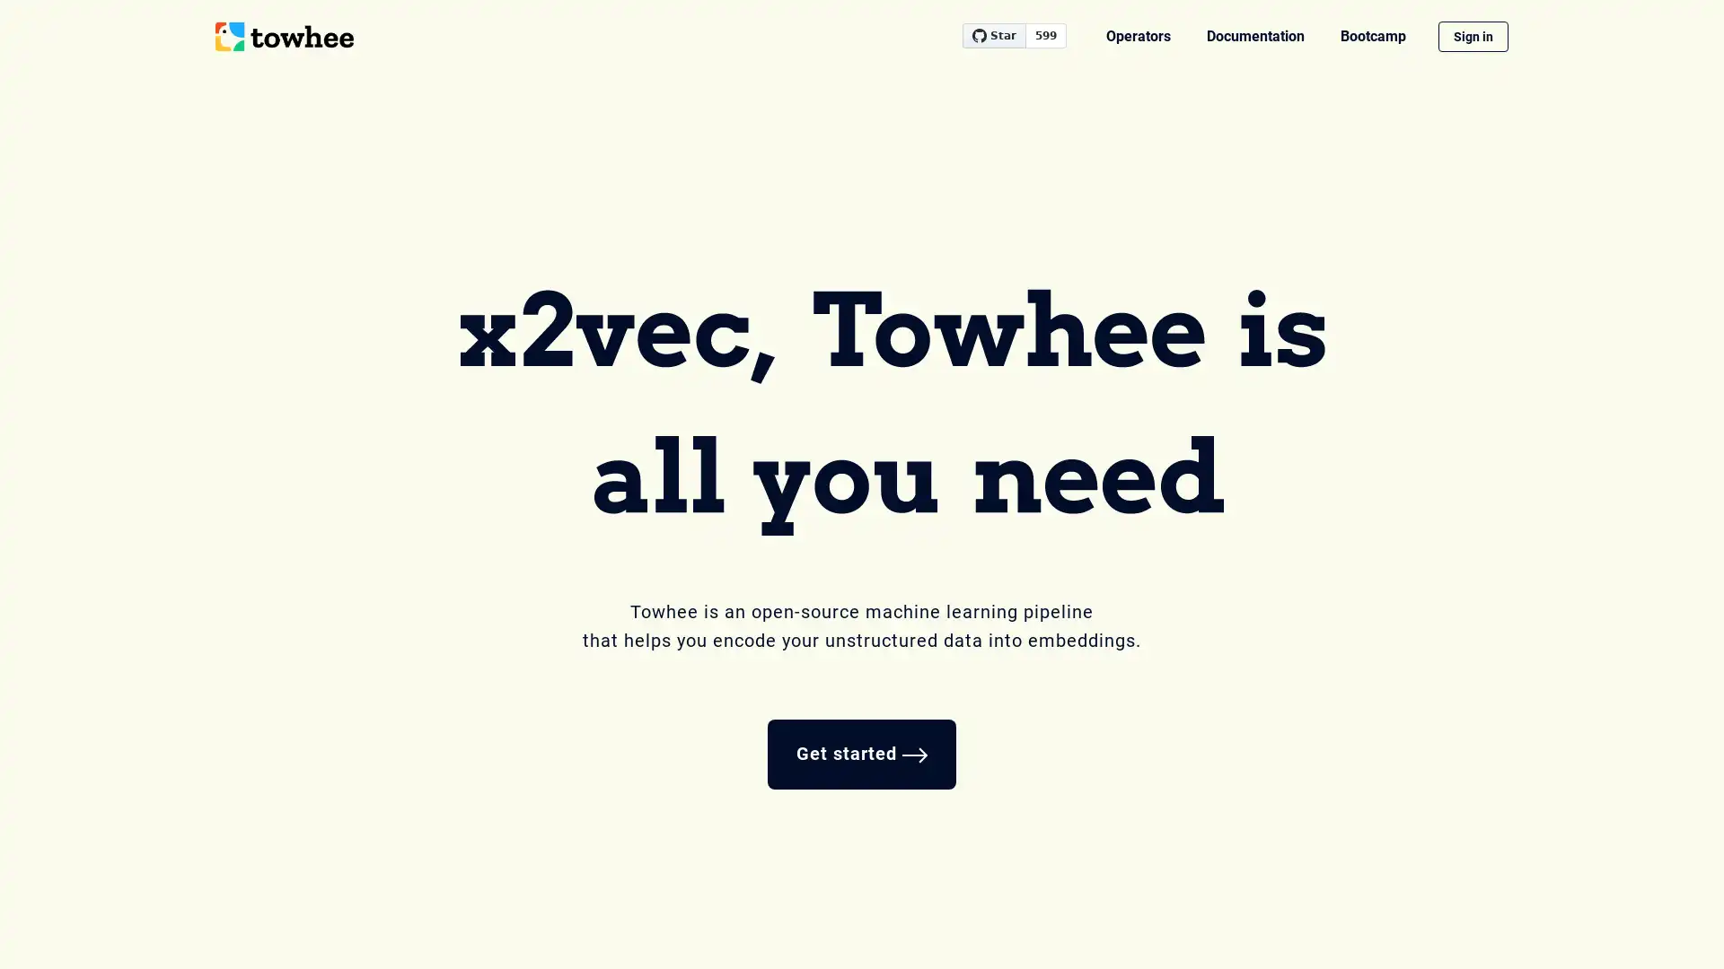 Image resolution: width=1724 pixels, height=969 pixels. Describe the element at coordinates (1473, 37) in the screenshot. I see `Sign in` at that location.